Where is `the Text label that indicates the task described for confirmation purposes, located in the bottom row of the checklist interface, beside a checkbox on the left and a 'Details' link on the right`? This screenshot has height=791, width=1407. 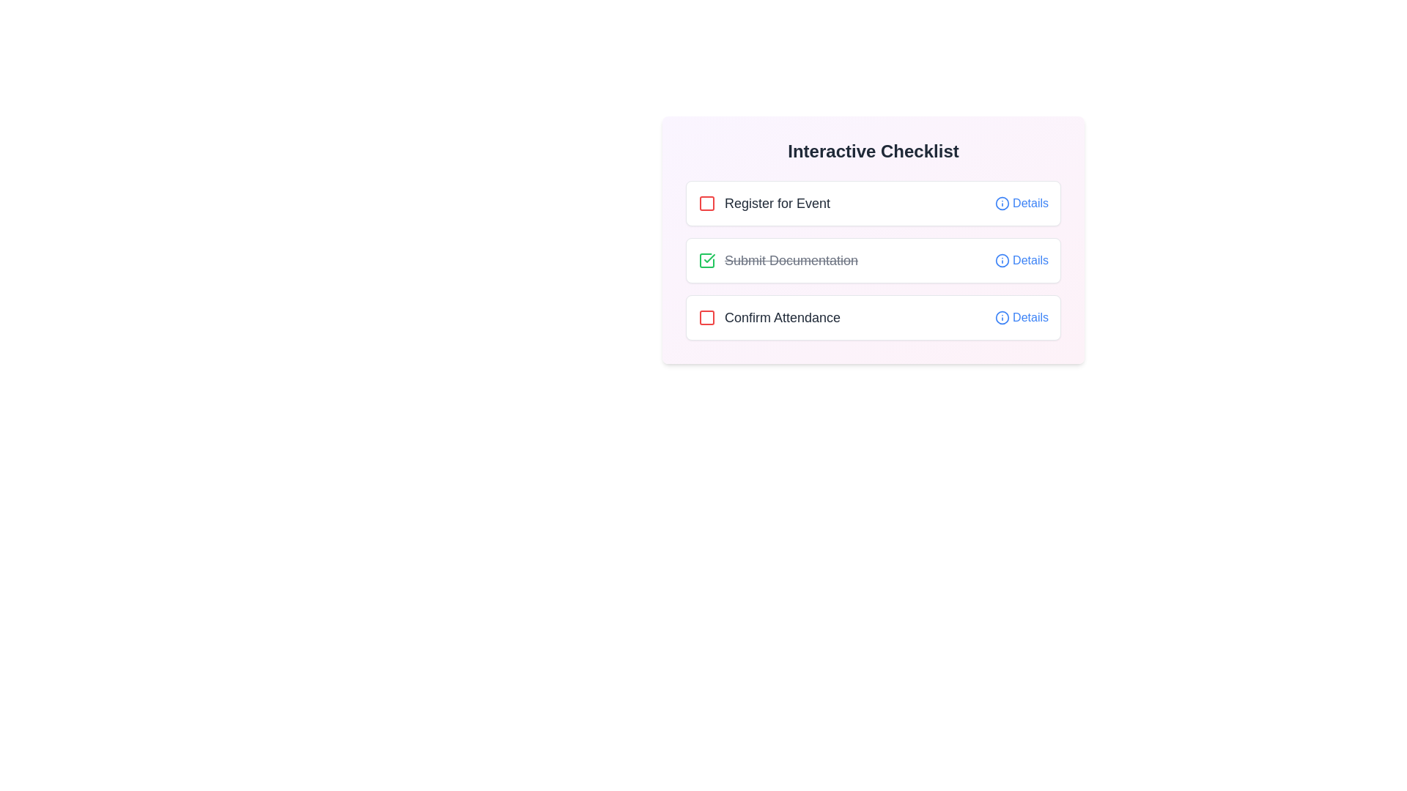
the Text label that indicates the task described for confirmation purposes, located in the bottom row of the checklist interface, beside a checkbox on the left and a 'Details' link on the right is located at coordinates (782, 317).